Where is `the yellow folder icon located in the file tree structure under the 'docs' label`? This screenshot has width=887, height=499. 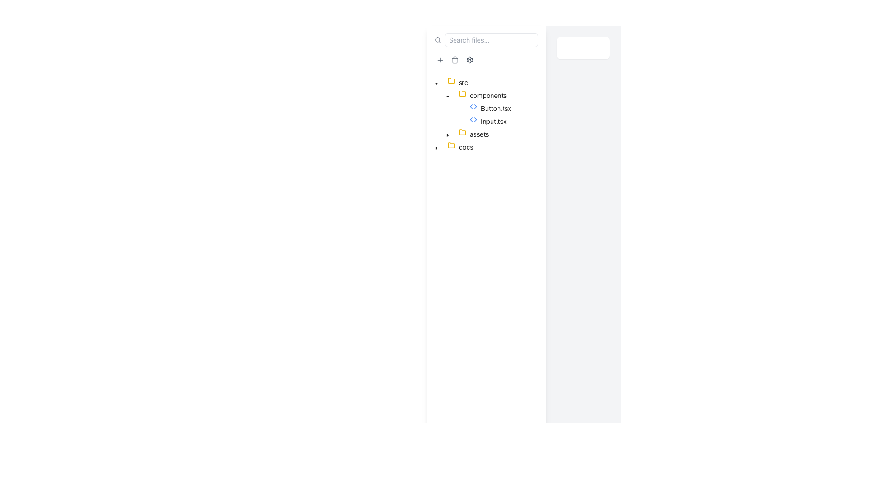
the yellow folder icon located in the file tree structure under the 'docs' label is located at coordinates (453, 147).